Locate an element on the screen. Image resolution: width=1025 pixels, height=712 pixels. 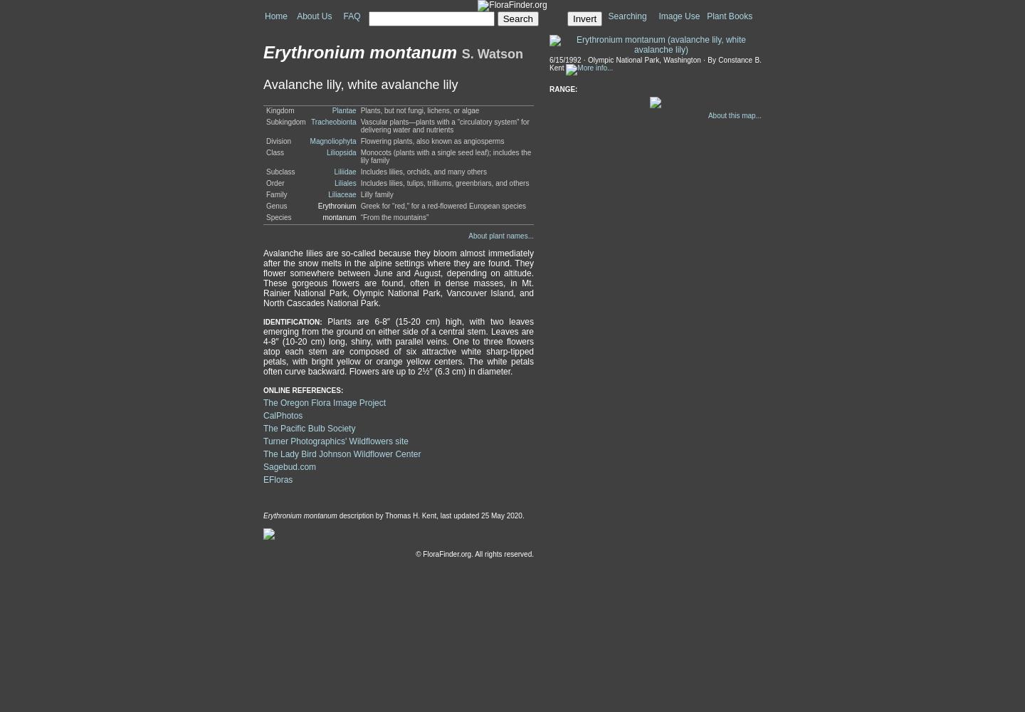
'Monocots (plants with a single seed leaf); includes the lily family' is located at coordinates (444, 156).